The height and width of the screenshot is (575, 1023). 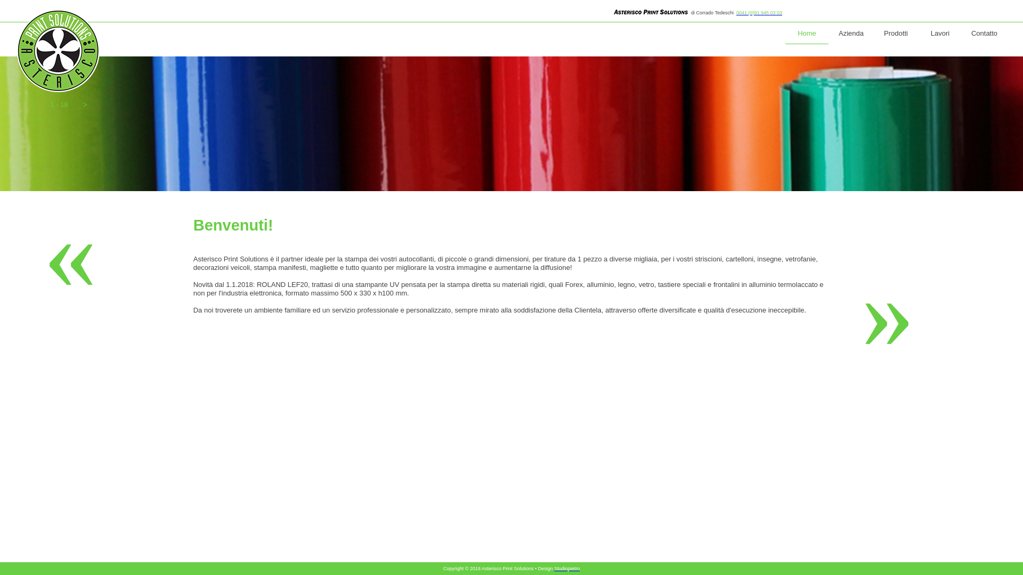 What do you see at coordinates (566, 568) in the screenshot?
I see `'Studiopietro'` at bounding box center [566, 568].